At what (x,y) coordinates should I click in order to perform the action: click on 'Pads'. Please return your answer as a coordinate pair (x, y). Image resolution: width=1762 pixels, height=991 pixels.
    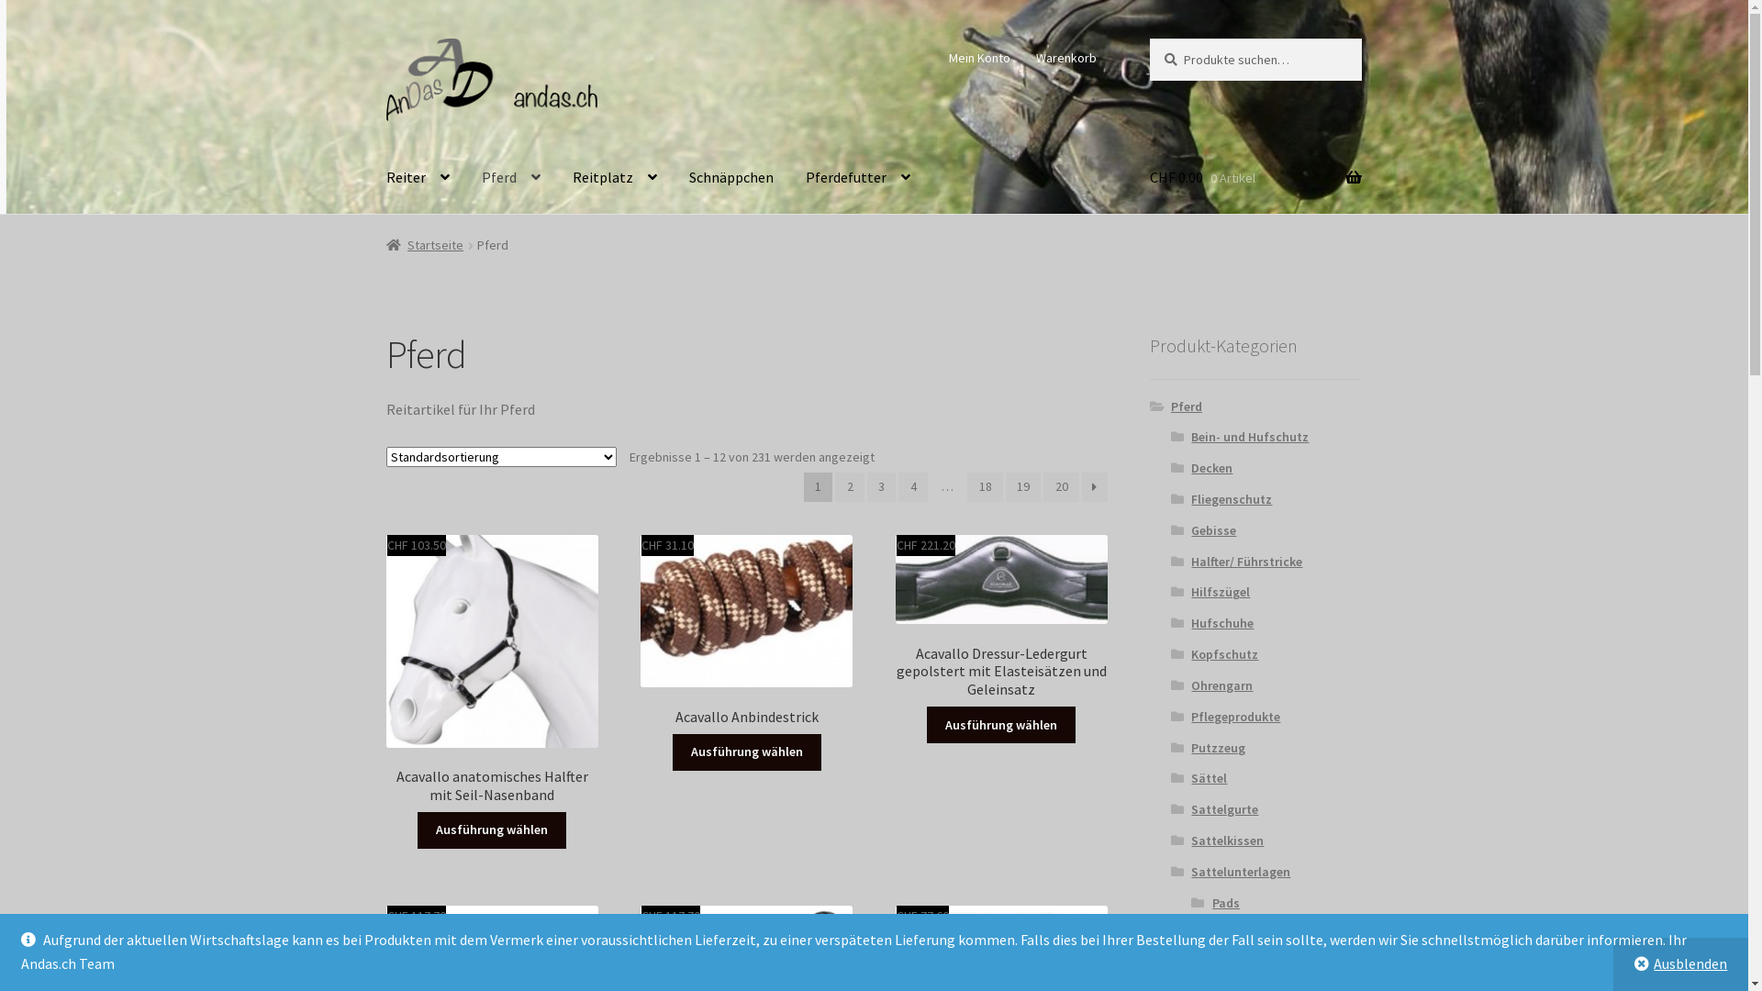
    Looking at the image, I should click on (1225, 901).